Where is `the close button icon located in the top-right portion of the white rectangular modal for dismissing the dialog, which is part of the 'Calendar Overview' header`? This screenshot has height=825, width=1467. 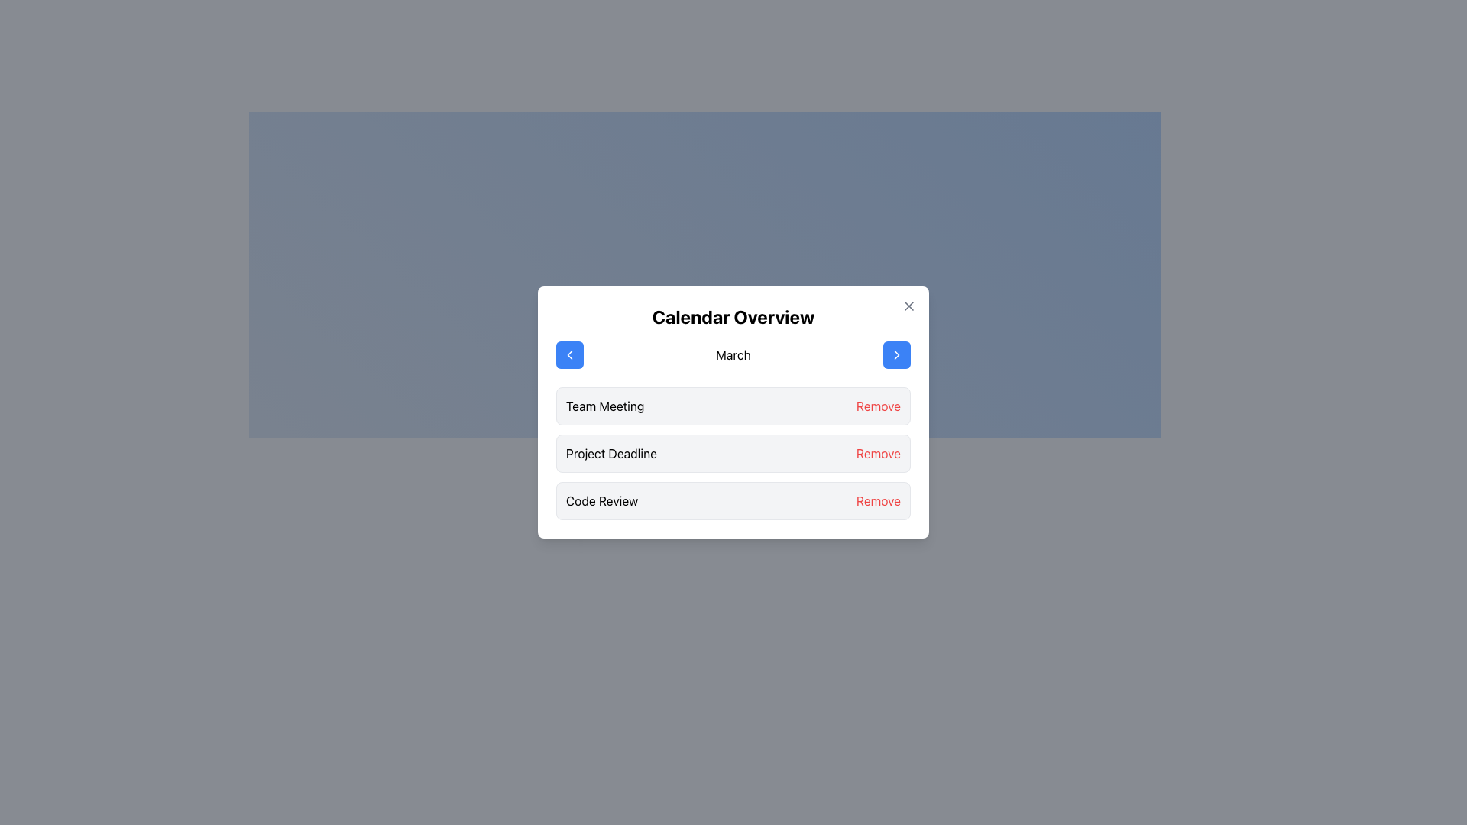 the close button icon located in the top-right portion of the white rectangular modal for dismissing the dialog, which is part of the 'Calendar Overview' header is located at coordinates (909, 306).